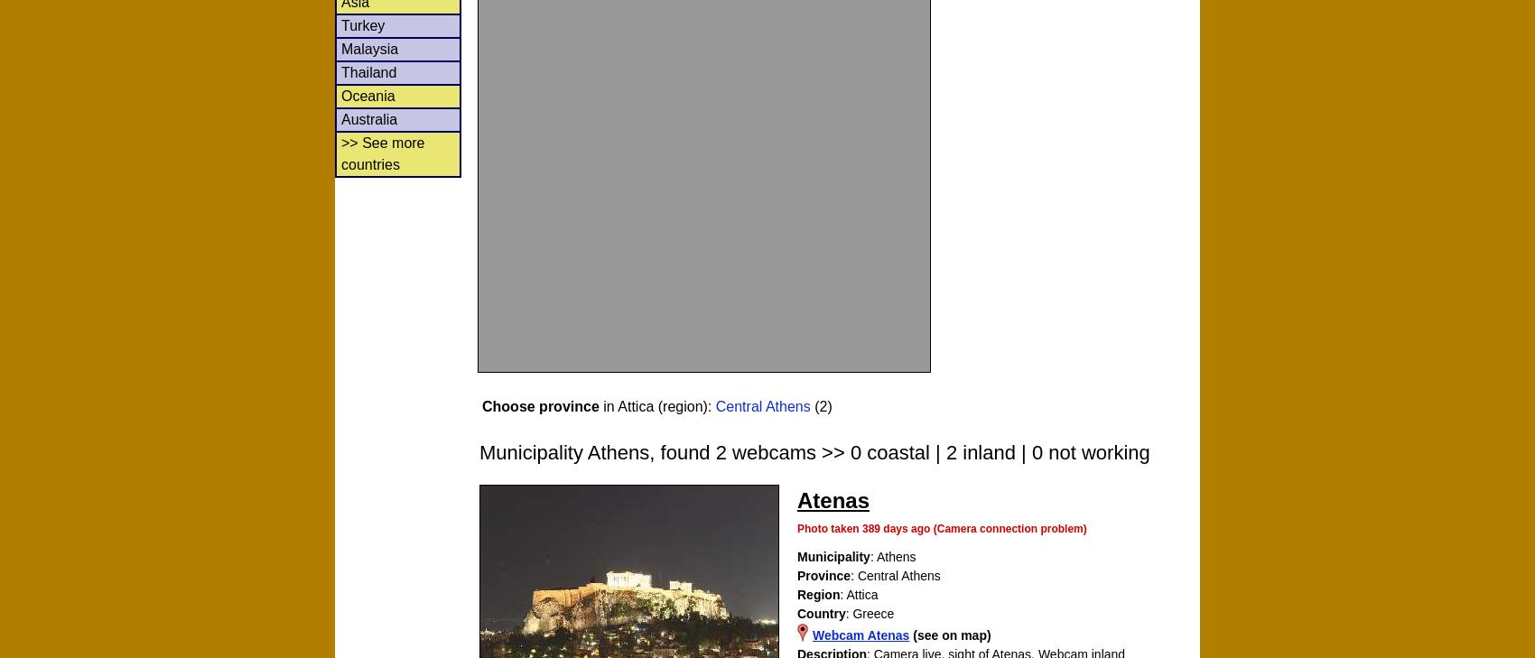 This screenshot has height=658, width=1535. I want to click on 'Thailand', so click(367, 70).